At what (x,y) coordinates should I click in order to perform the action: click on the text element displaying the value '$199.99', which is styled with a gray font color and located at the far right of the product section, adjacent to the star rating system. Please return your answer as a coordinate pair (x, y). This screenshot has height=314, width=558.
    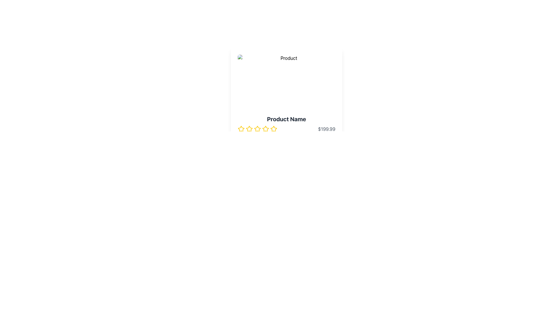
    Looking at the image, I should click on (327, 129).